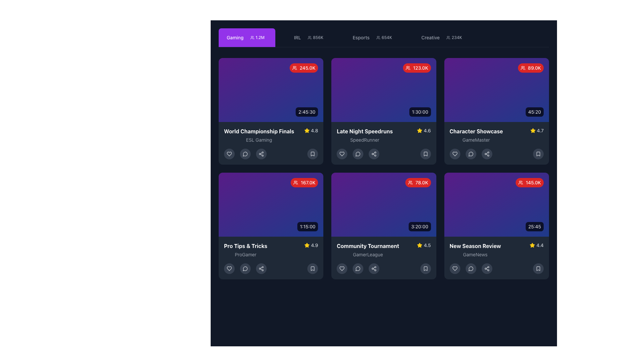  What do you see at coordinates (309, 37) in the screenshot?
I see `the Icon (Group of Users) located in the navigation bar near the top of the interface, positioned to the left of the numerical indicator '856K' representing followers` at bounding box center [309, 37].